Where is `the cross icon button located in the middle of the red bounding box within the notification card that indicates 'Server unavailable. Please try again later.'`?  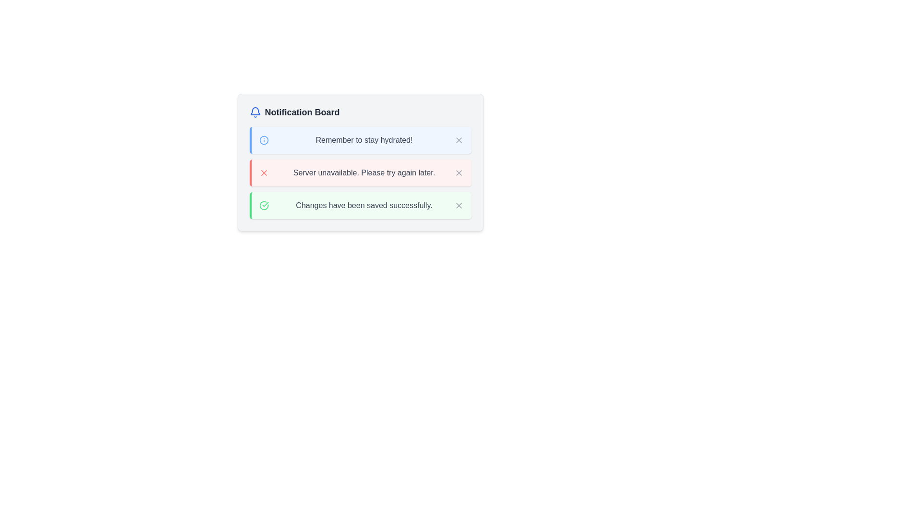 the cross icon button located in the middle of the red bounding box within the notification card that indicates 'Server unavailable. Please try again later.' is located at coordinates (264, 172).